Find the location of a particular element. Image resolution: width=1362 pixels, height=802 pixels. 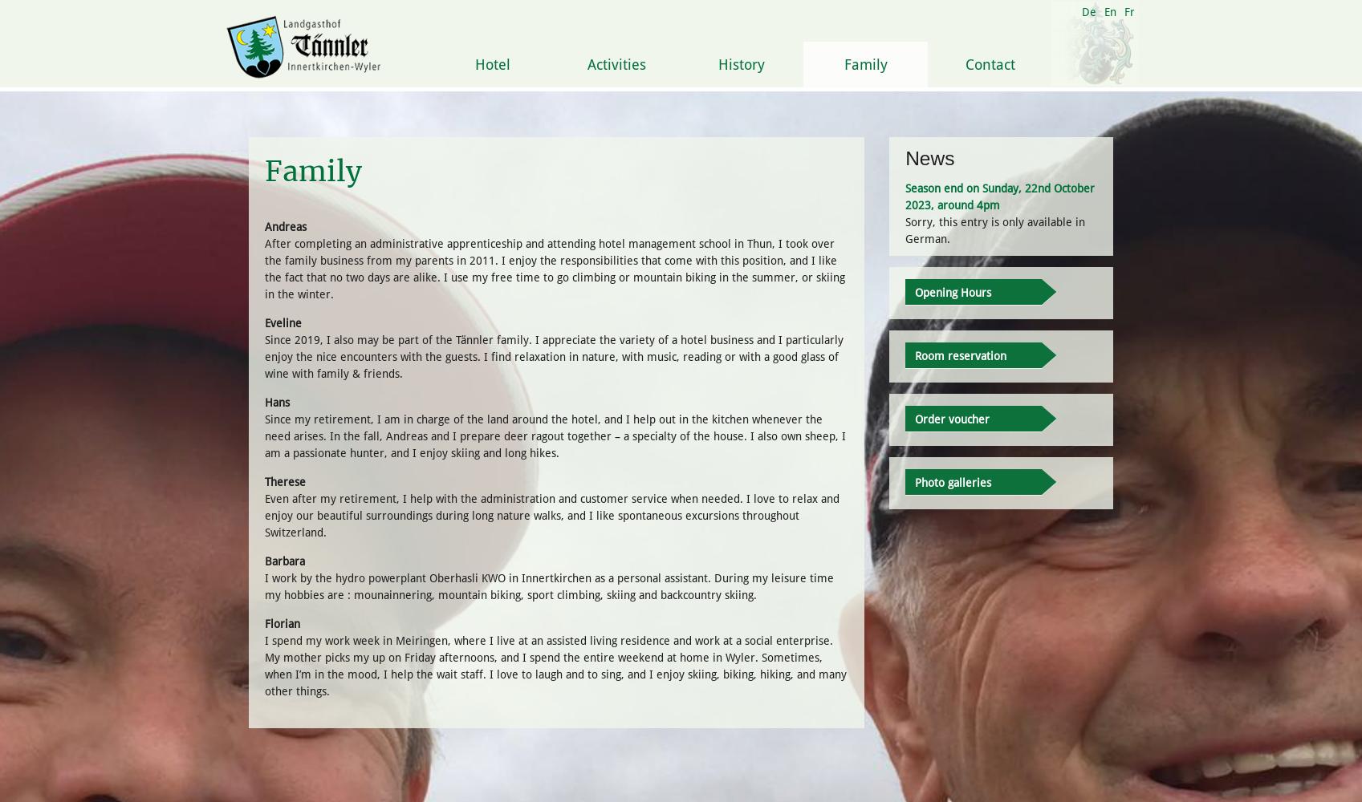

'Hans' is located at coordinates (276, 402).